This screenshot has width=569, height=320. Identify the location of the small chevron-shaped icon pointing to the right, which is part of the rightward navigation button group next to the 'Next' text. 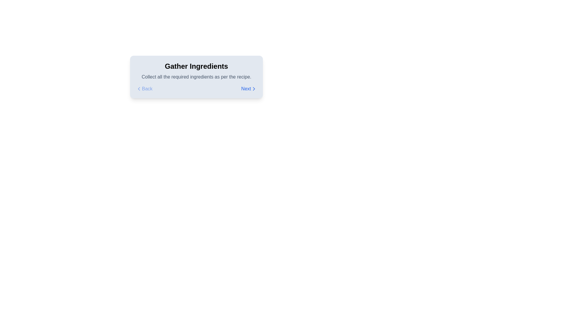
(254, 89).